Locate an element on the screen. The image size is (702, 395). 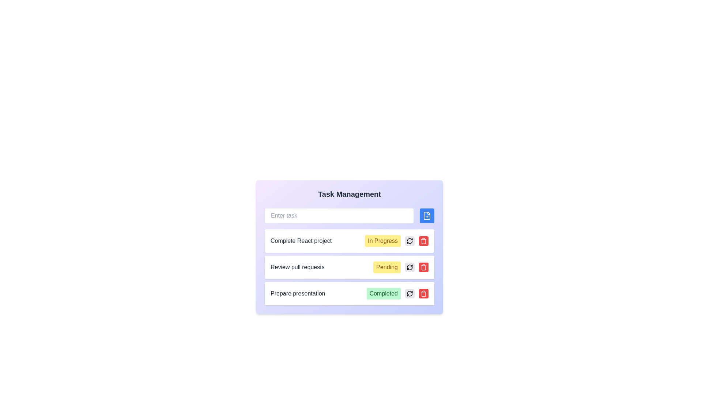
the 'In Progress' status label, which is a yellow badge with rounded corners displaying the text in brown, located in the task row for 'Complete React project' is located at coordinates (382, 241).